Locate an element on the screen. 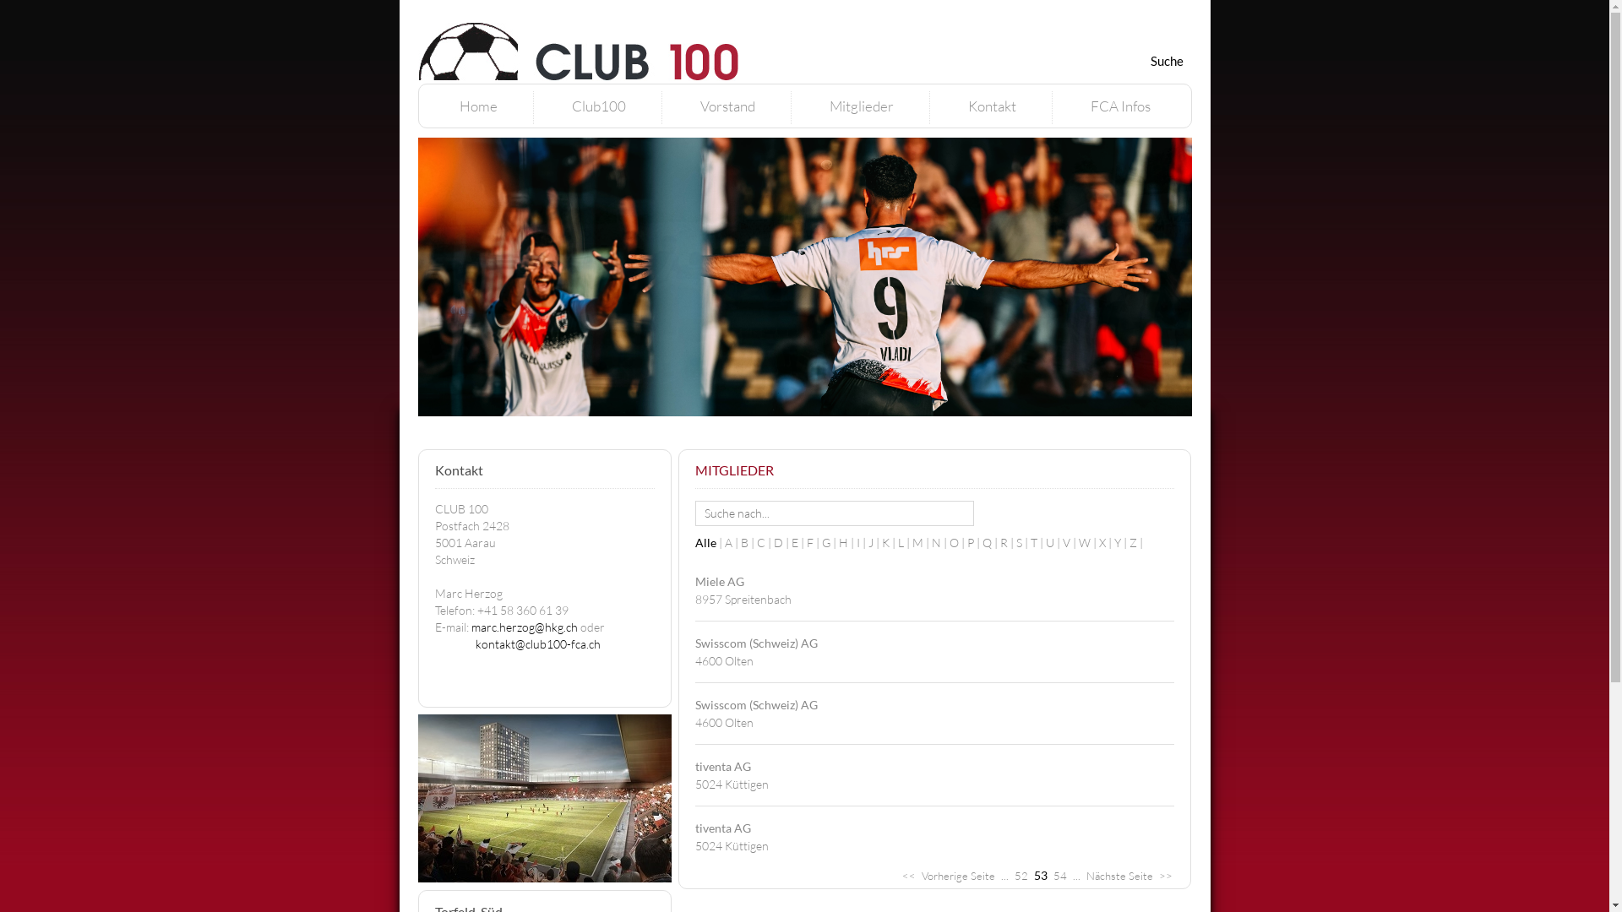 This screenshot has width=1622, height=912. 'W' is located at coordinates (1077, 542).